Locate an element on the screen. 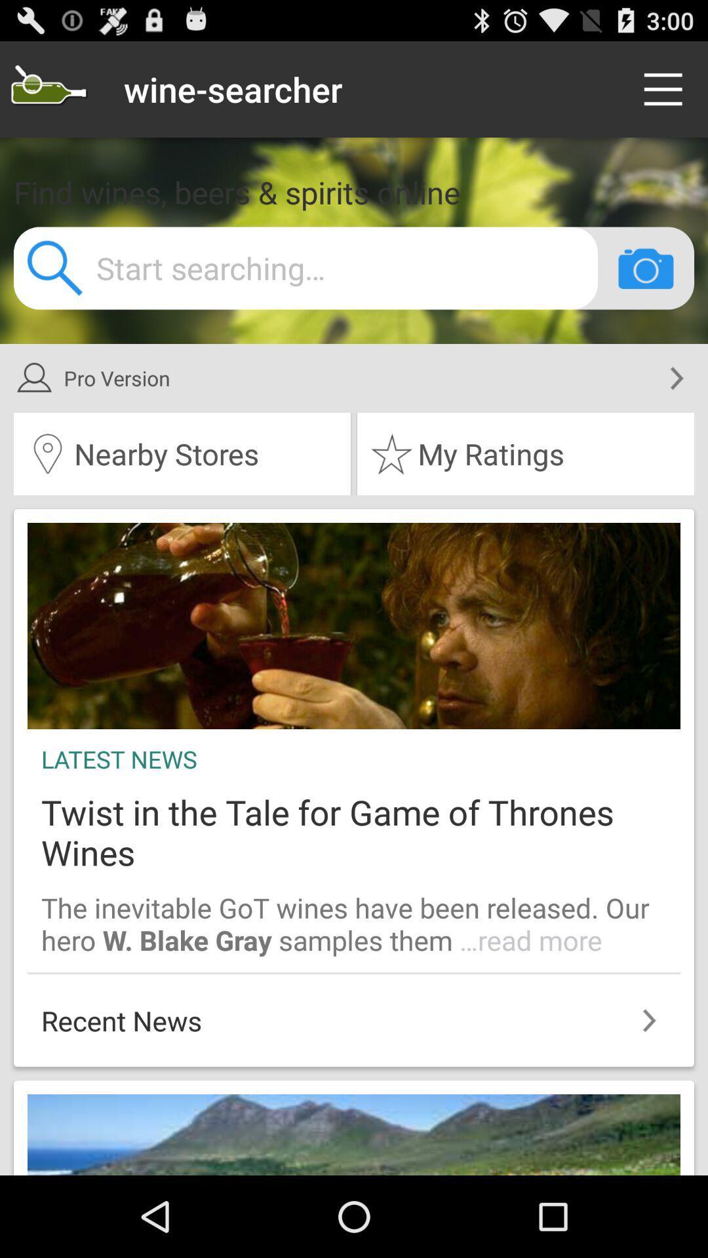 The width and height of the screenshot is (708, 1258). the icon next to my ratings item is located at coordinates (182, 453).